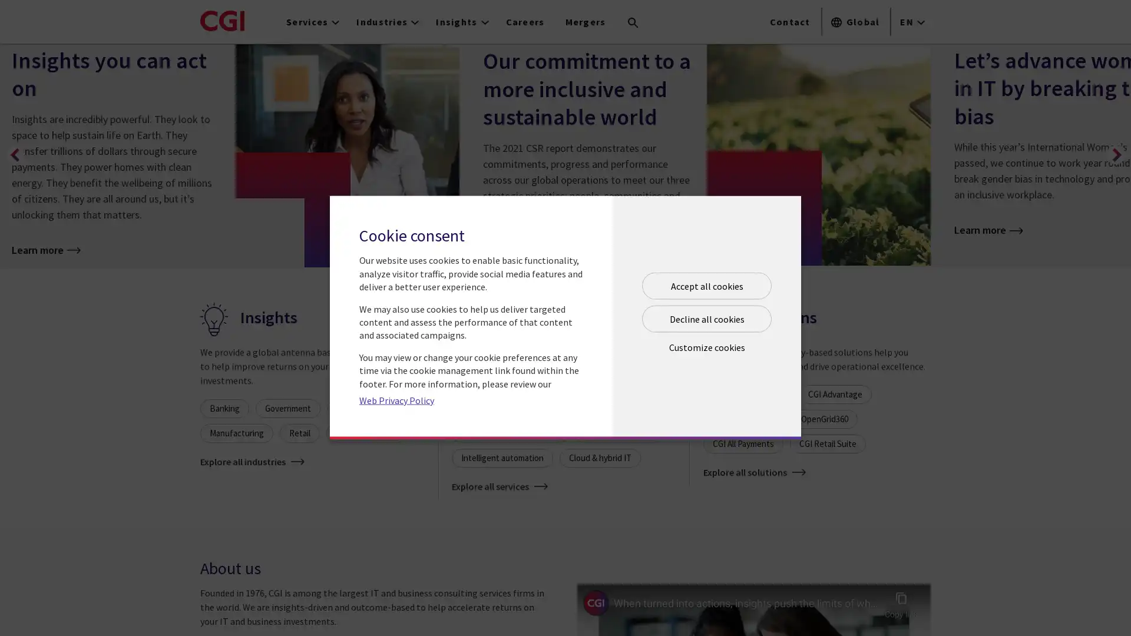 The width and height of the screenshot is (1131, 636). Describe the element at coordinates (396, 399) in the screenshot. I see `Web Privacy Policy` at that location.